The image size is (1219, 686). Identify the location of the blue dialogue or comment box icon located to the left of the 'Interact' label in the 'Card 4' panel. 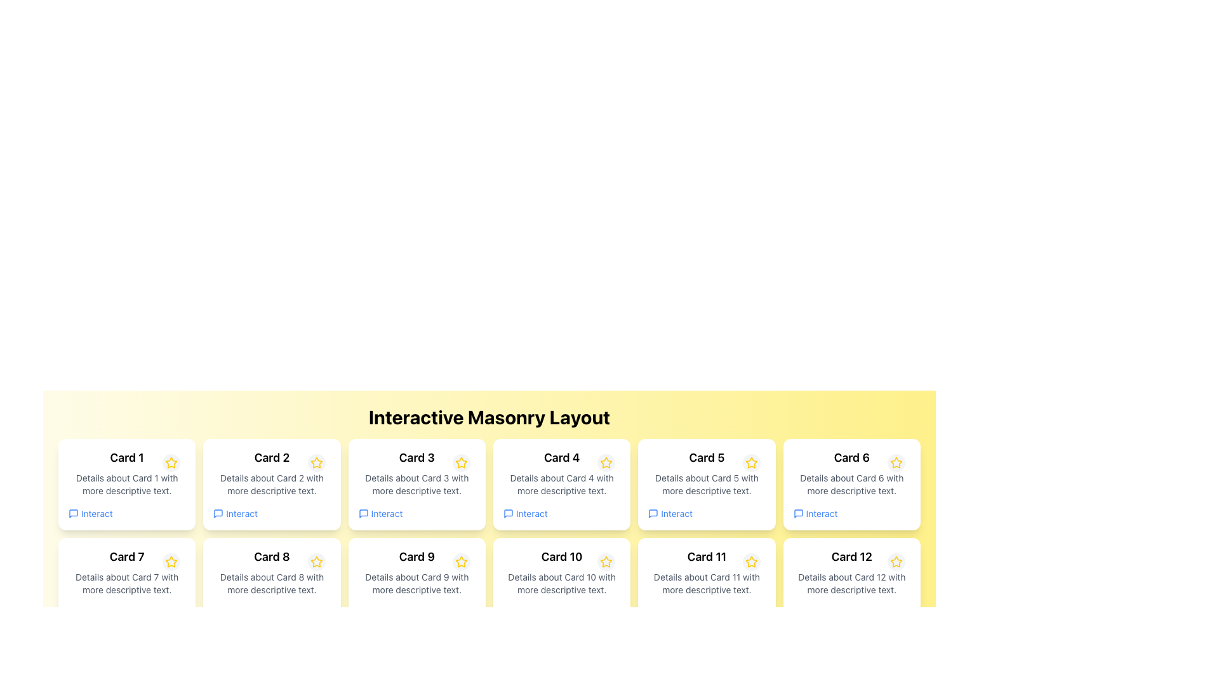
(509, 513).